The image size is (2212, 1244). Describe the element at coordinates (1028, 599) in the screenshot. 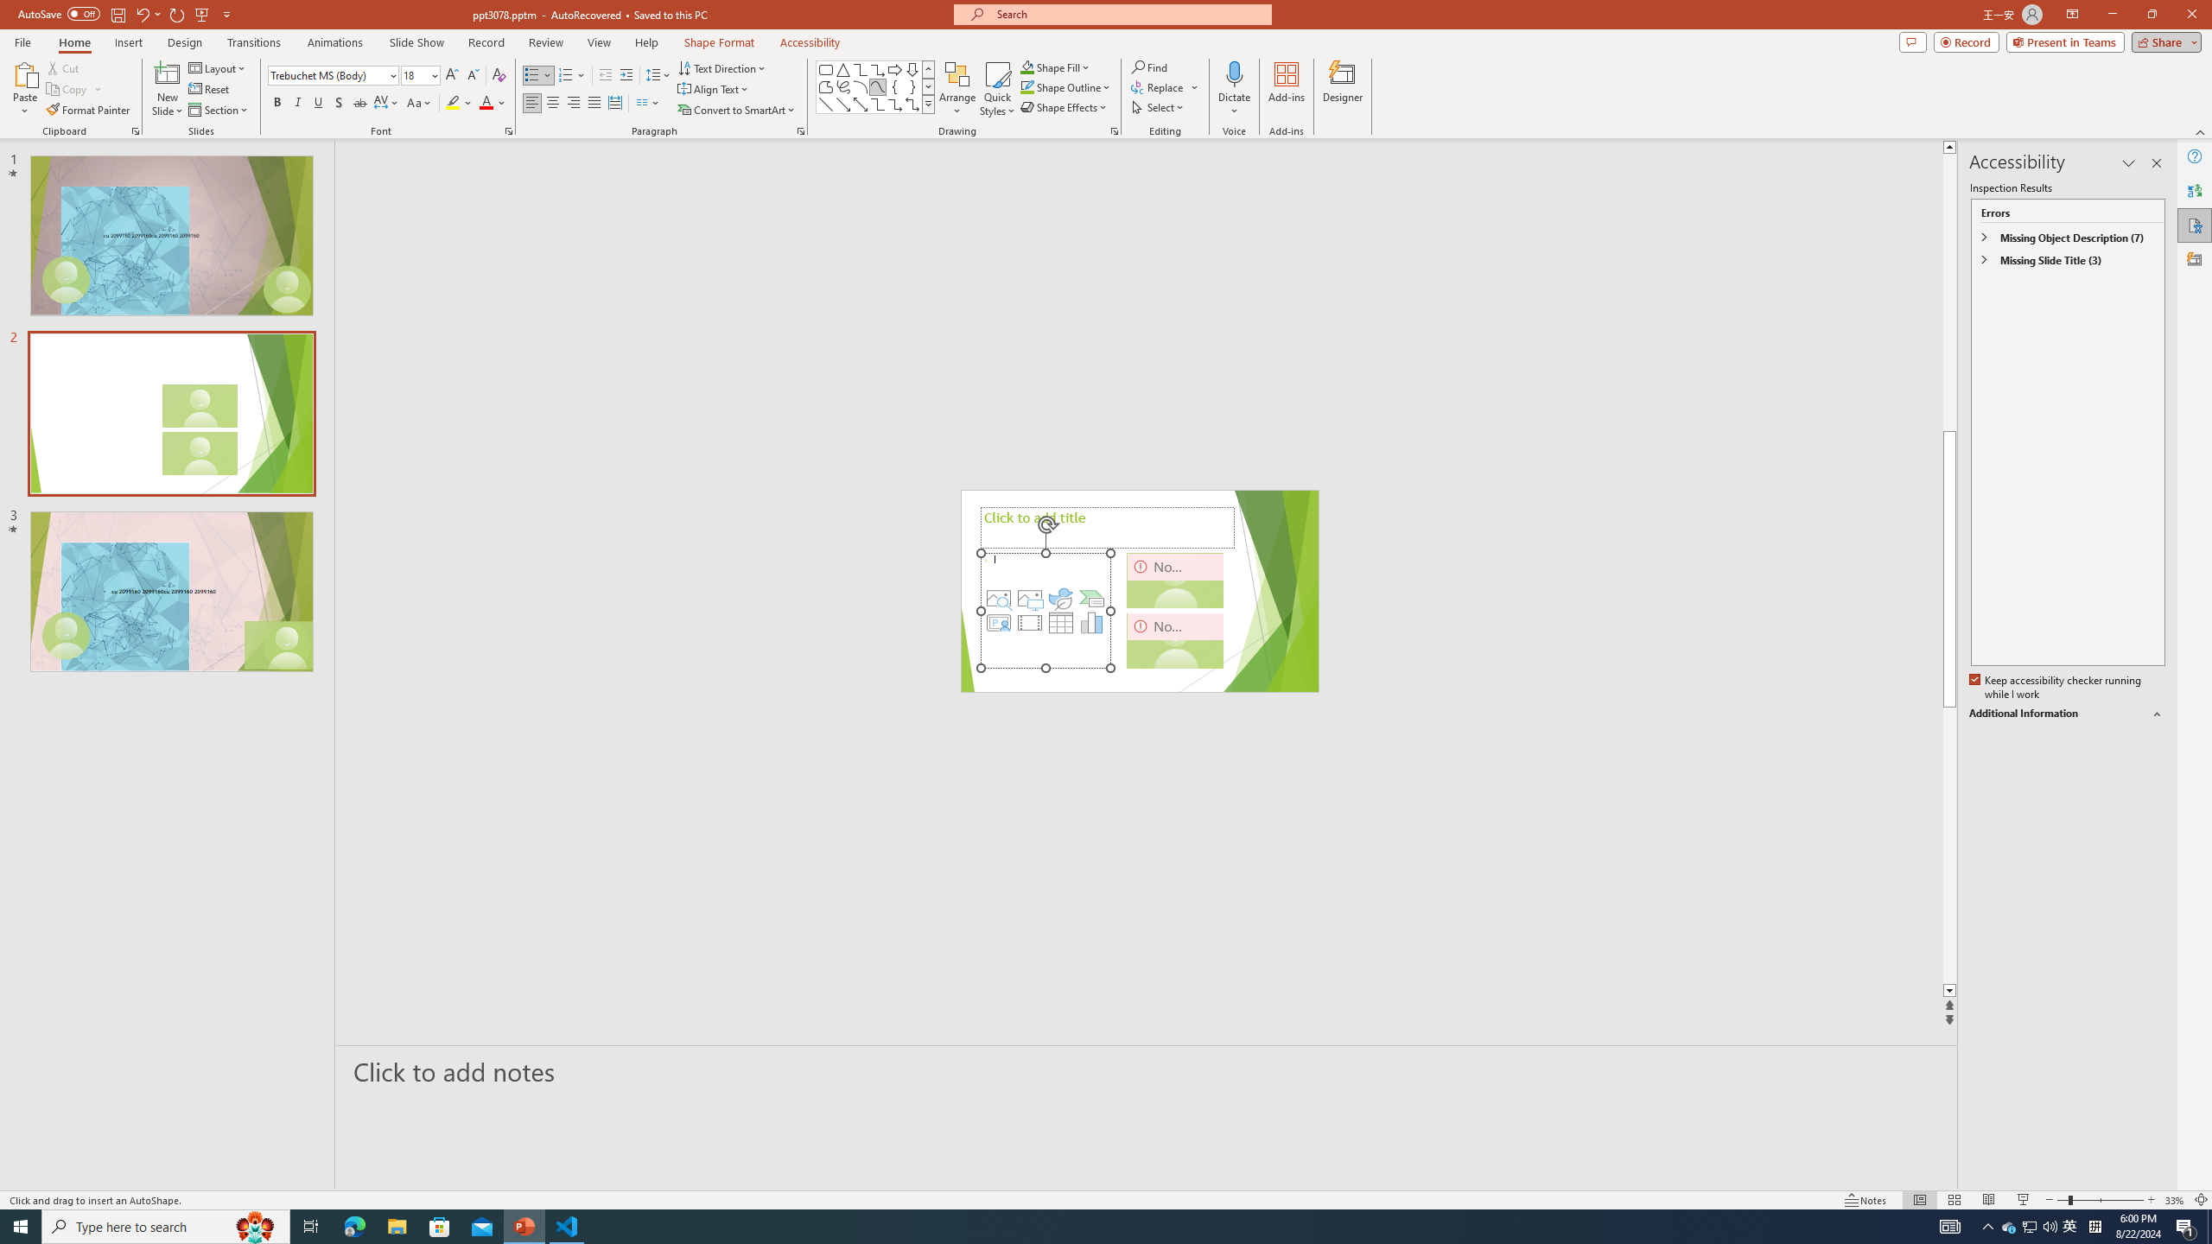

I see `'Pictures'` at that location.